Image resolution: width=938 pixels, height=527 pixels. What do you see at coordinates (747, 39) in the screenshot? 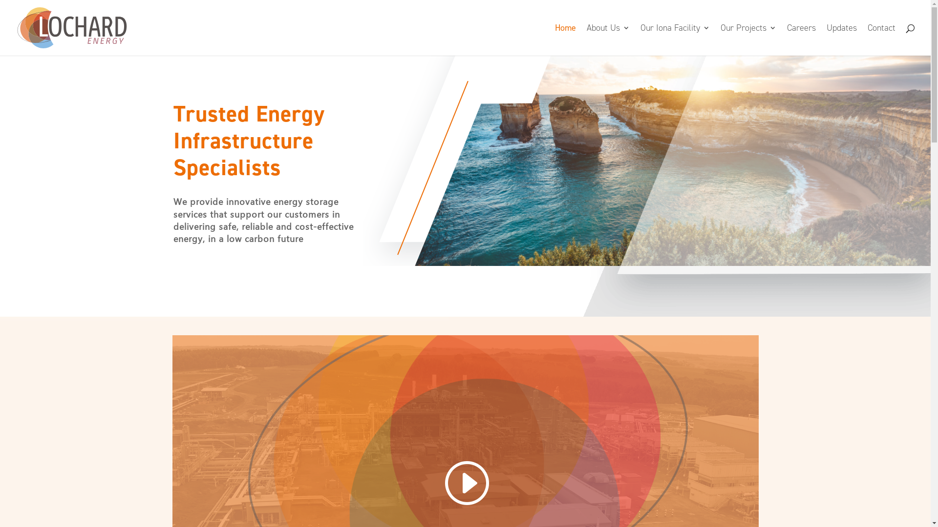
I see `'Our Projects'` at bounding box center [747, 39].